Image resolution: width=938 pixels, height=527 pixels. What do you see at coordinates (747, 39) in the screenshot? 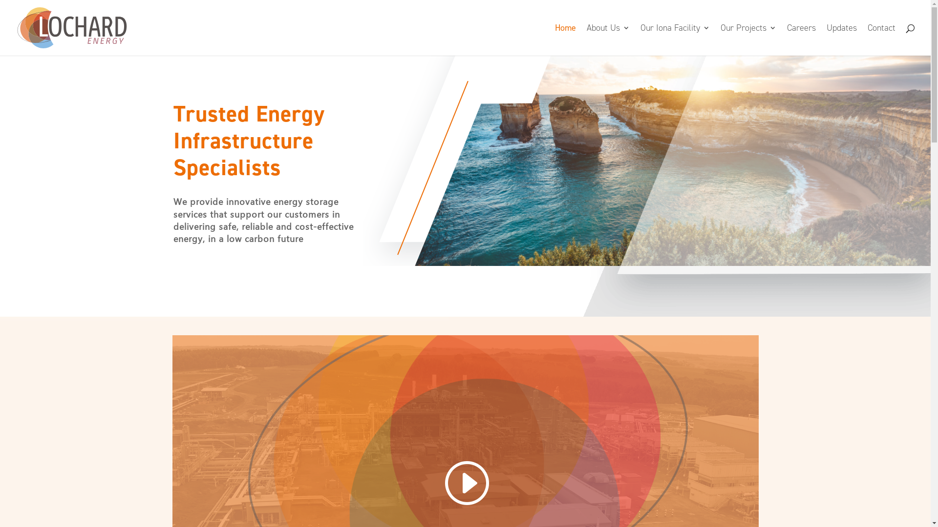
I see `'Our Projects'` at bounding box center [747, 39].